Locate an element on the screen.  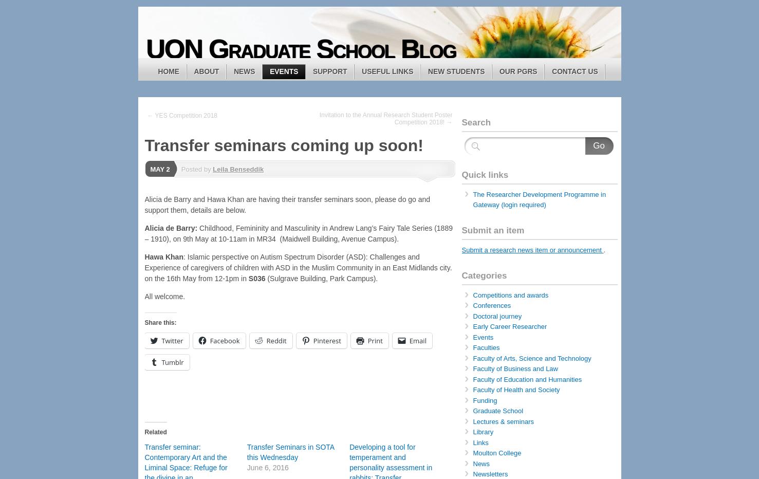
'Faculty of Health and Society' is located at coordinates (515, 390).